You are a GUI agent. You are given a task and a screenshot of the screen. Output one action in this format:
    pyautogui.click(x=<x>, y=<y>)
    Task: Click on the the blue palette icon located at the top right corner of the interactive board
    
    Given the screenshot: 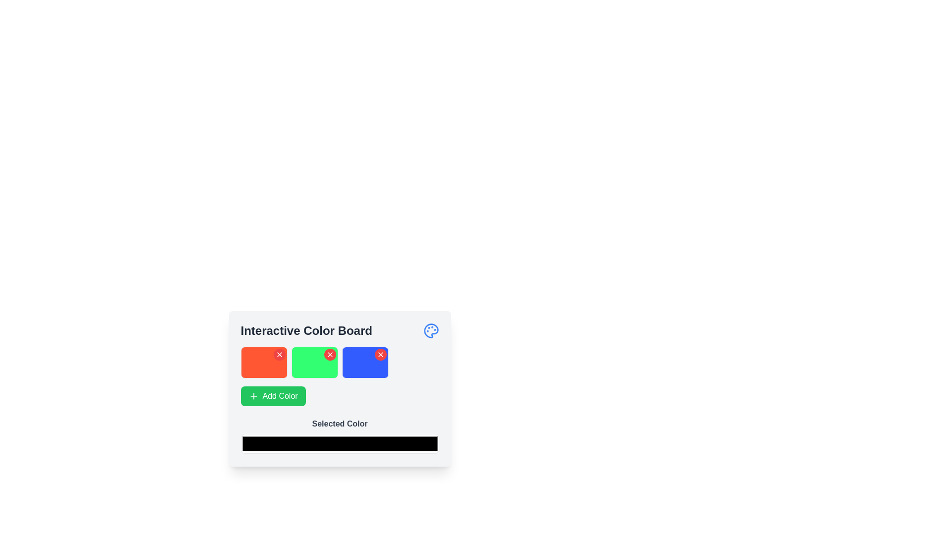 What is the action you would take?
    pyautogui.click(x=430, y=330)
    